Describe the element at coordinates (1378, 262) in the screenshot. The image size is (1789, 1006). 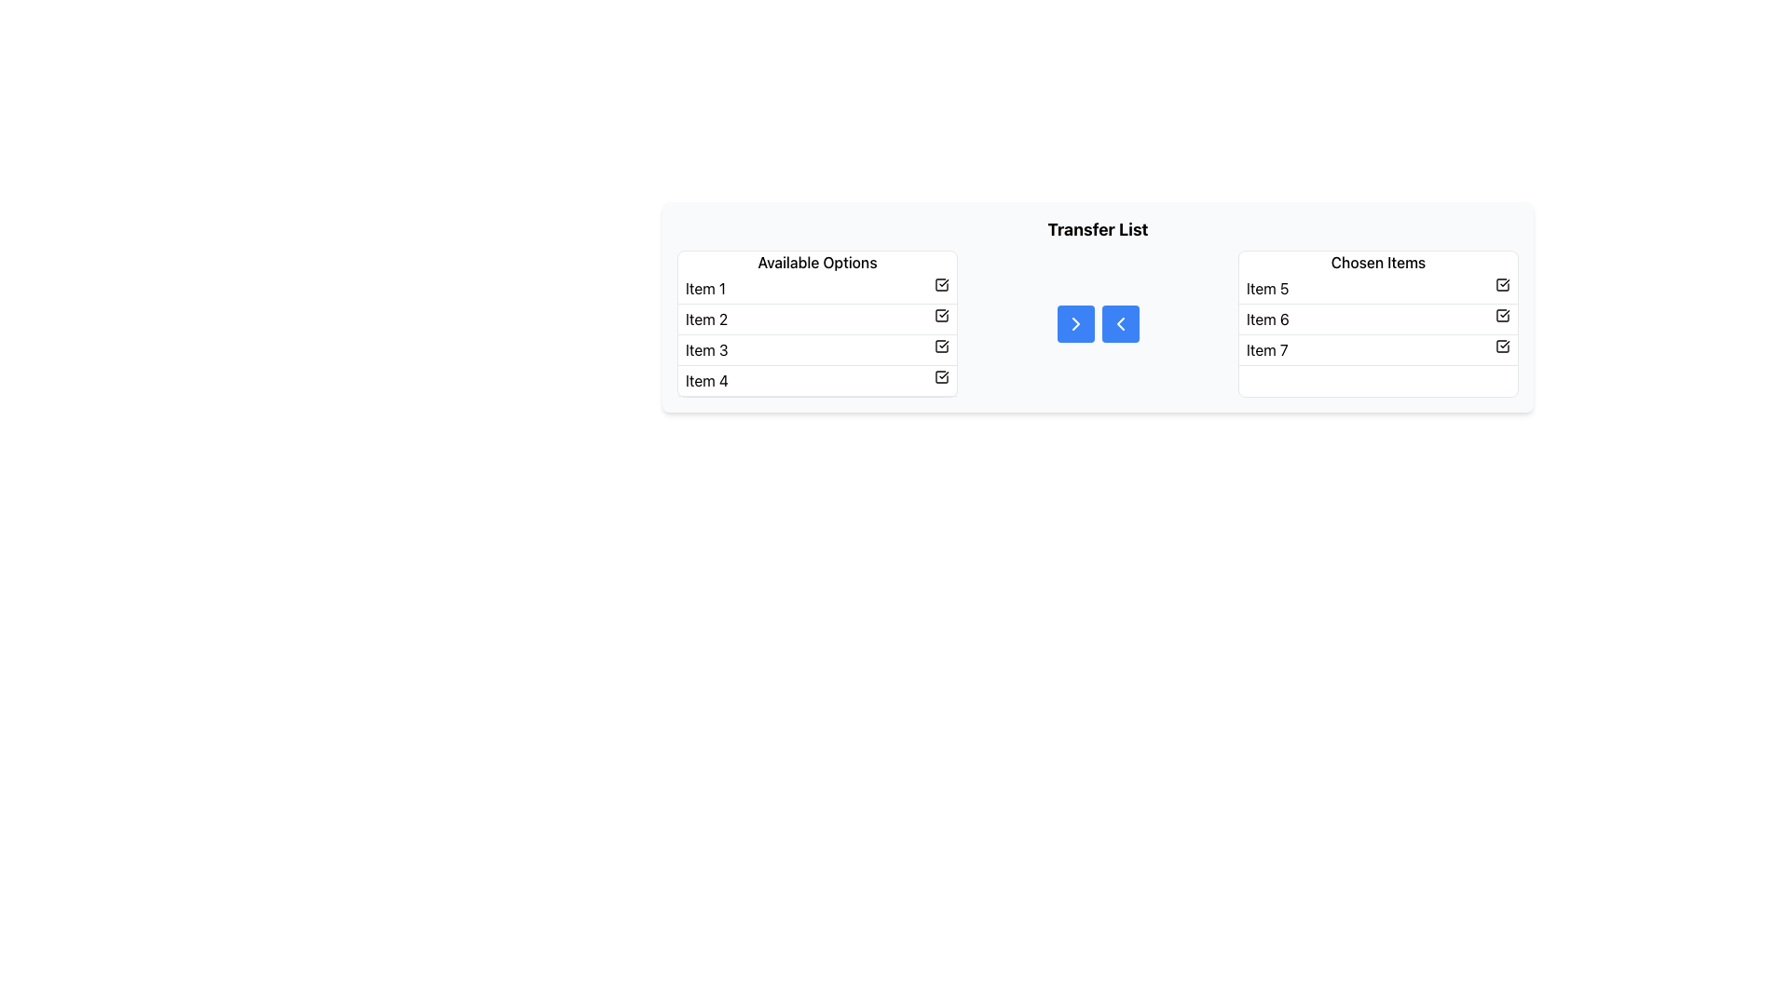
I see `the text label displaying 'Chosen Items', which is centered at the top of a bordered box containing a list of items` at that location.